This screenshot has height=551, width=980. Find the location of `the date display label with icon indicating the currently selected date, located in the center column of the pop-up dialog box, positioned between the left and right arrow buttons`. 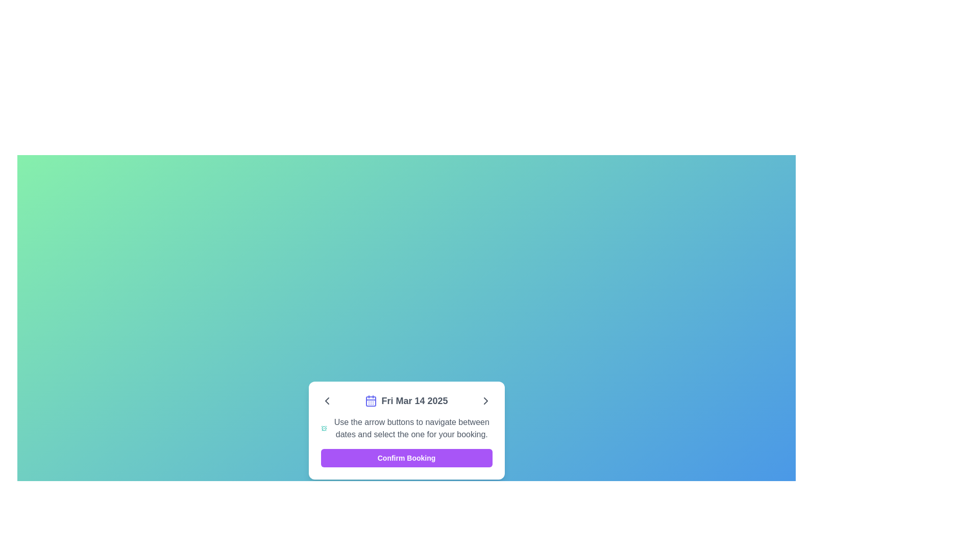

the date display label with icon indicating the currently selected date, located in the center column of the pop-up dialog box, positioned between the left and right arrow buttons is located at coordinates (406, 400).